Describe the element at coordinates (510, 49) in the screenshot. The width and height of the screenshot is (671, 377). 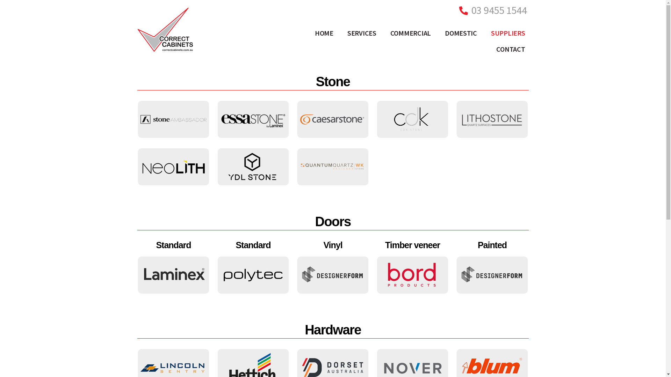
I see `'CONTACT'` at that location.